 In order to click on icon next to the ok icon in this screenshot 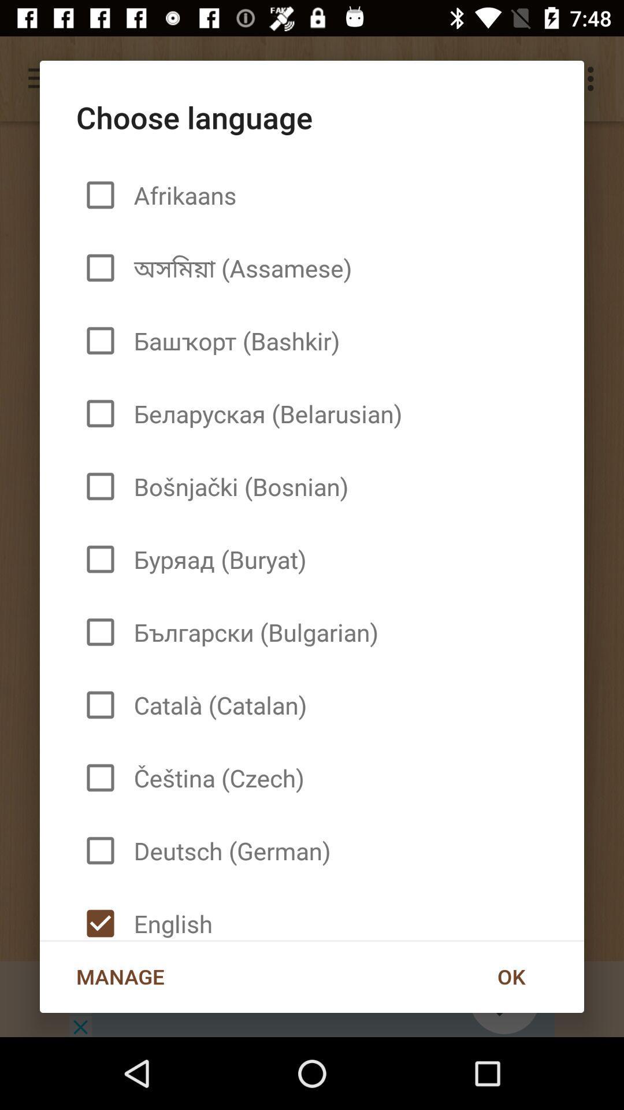, I will do `click(169, 913)`.